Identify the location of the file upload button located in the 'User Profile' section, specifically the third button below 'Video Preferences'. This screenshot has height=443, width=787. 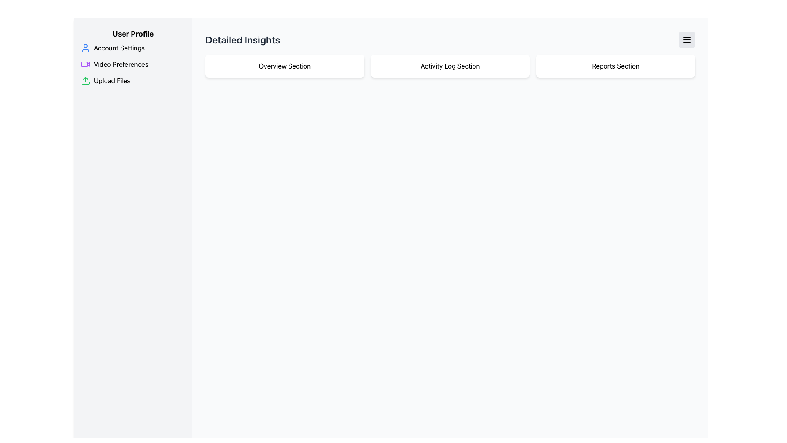
(133, 80).